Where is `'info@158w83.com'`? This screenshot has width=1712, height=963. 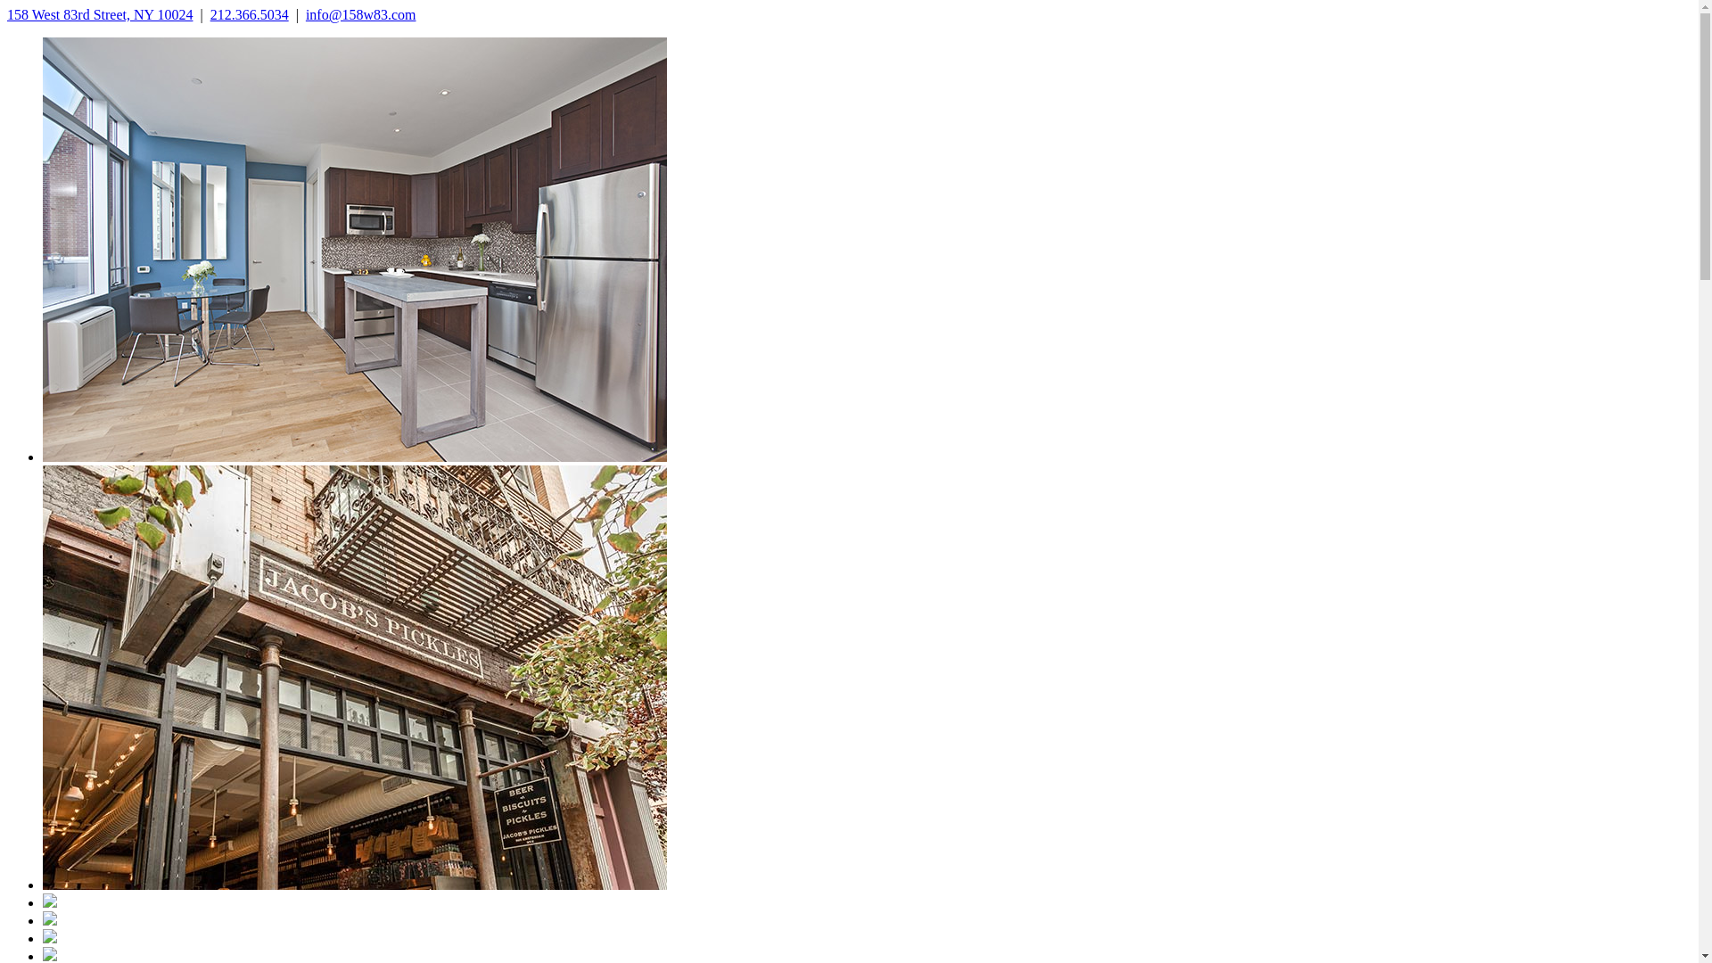
'info@158w83.com' is located at coordinates (359, 14).